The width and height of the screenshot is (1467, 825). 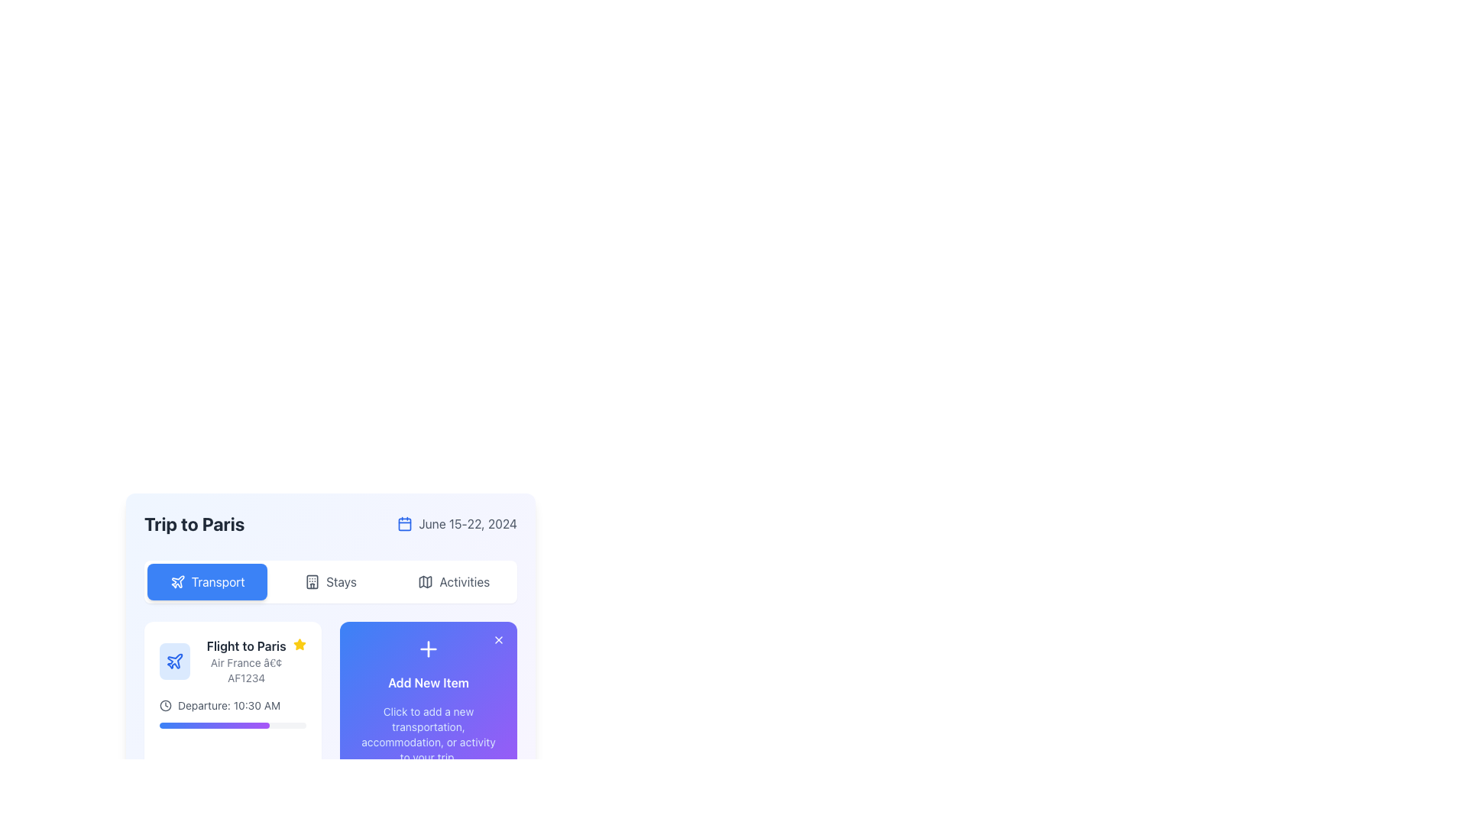 I want to click on the plus-shaped icon symbolizing addition, which is centrally positioned near the top of a purple-colored section above the text 'Add New Item.', so click(x=428, y=649).